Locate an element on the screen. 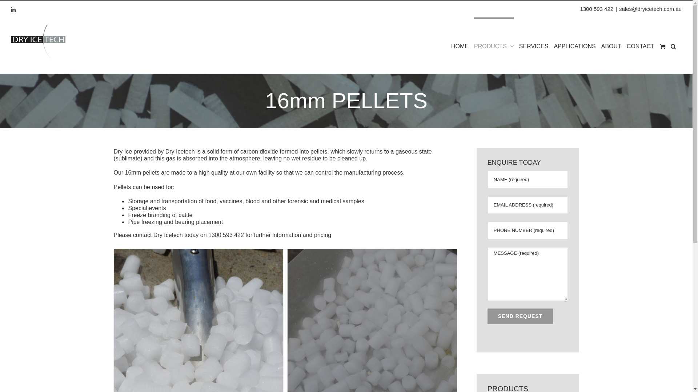 This screenshot has height=392, width=698. 'sales@dryicetech.com.au' is located at coordinates (650, 9).